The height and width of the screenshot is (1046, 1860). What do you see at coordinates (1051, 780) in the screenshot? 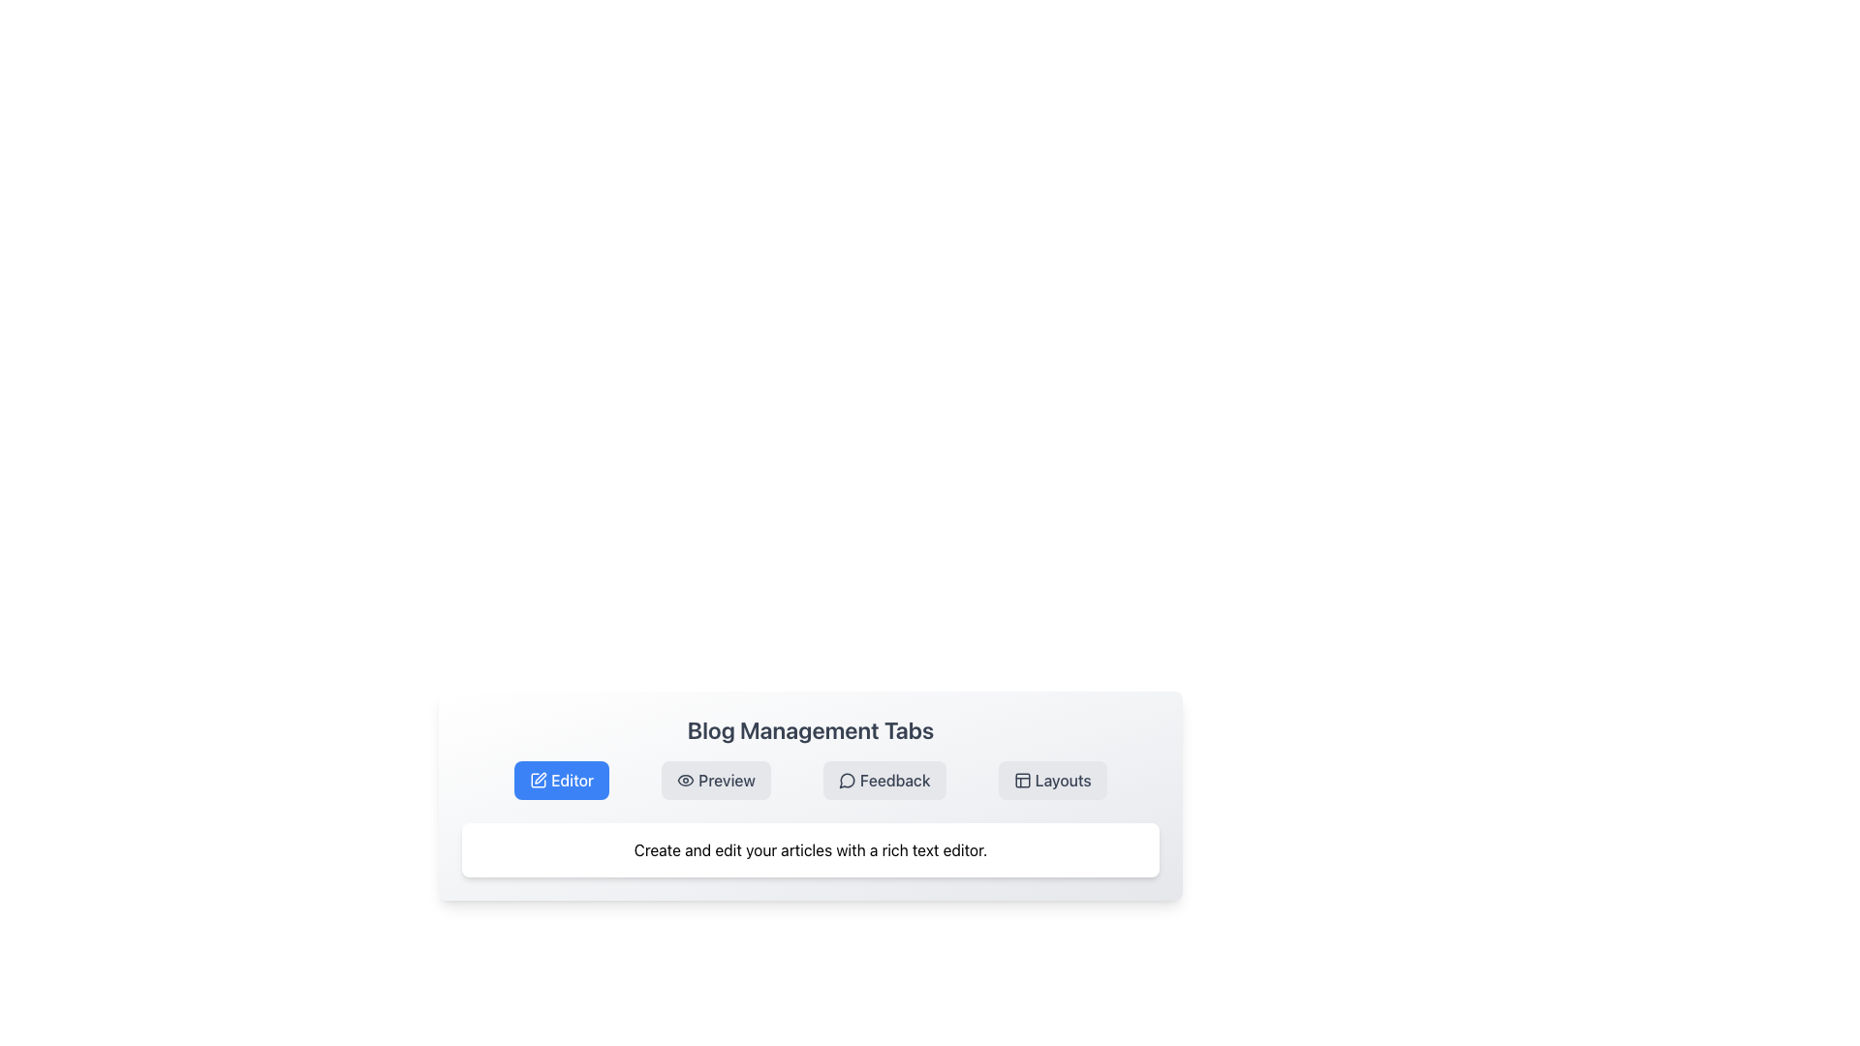
I see `the 'Layouts' button, which is the last button in a horizontal menu bar with a gray background and a rounded rectangular shape` at bounding box center [1051, 780].